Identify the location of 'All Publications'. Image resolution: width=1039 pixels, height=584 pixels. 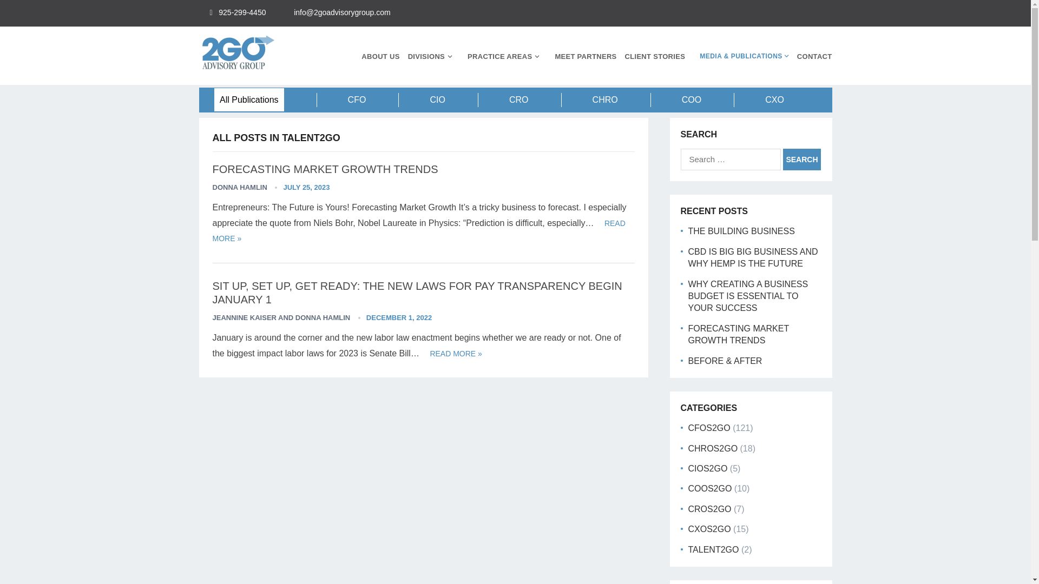
(248, 99).